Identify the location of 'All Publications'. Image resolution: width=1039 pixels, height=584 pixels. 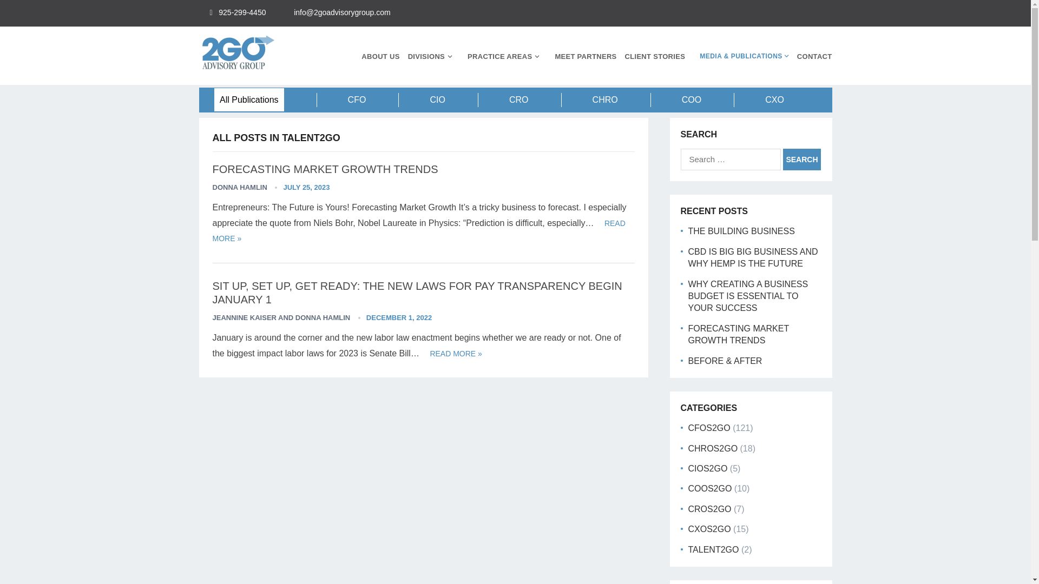
(248, 99).